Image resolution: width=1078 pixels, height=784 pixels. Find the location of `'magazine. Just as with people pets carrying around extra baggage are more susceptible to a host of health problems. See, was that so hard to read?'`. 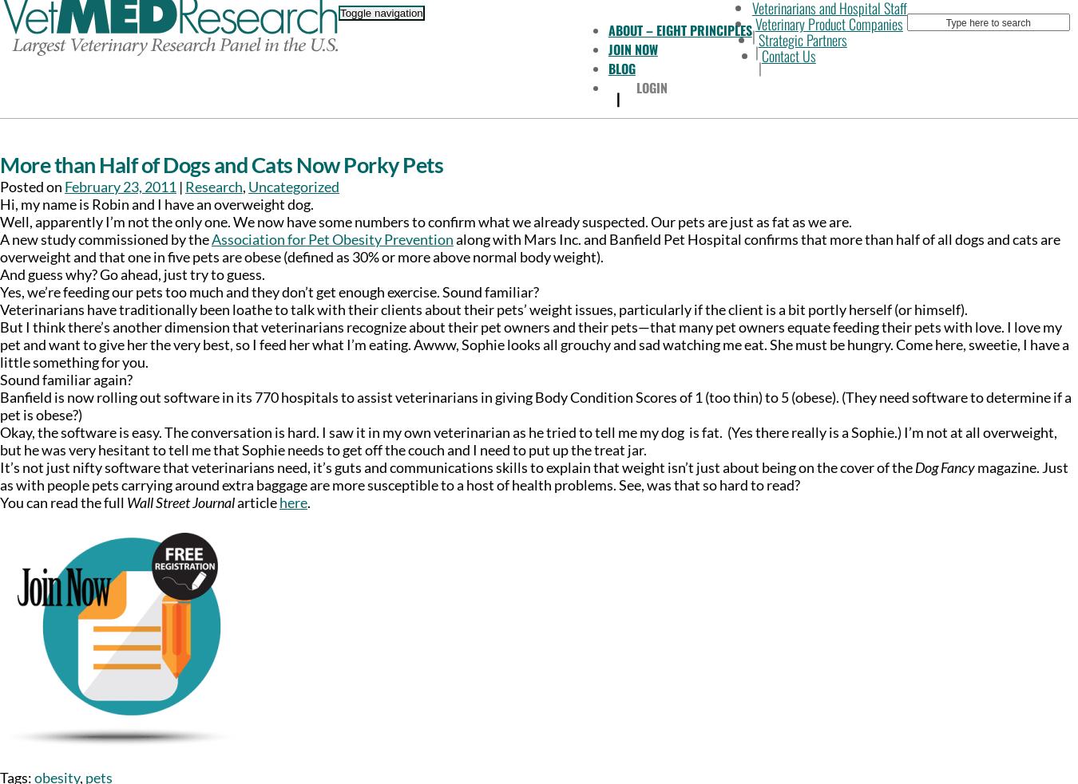

'magazine. Just as with people pets carrying around extra baggage are more susceptible to a host of health problems. See, was that so hard to read?' is located at coordinates (534, 475).